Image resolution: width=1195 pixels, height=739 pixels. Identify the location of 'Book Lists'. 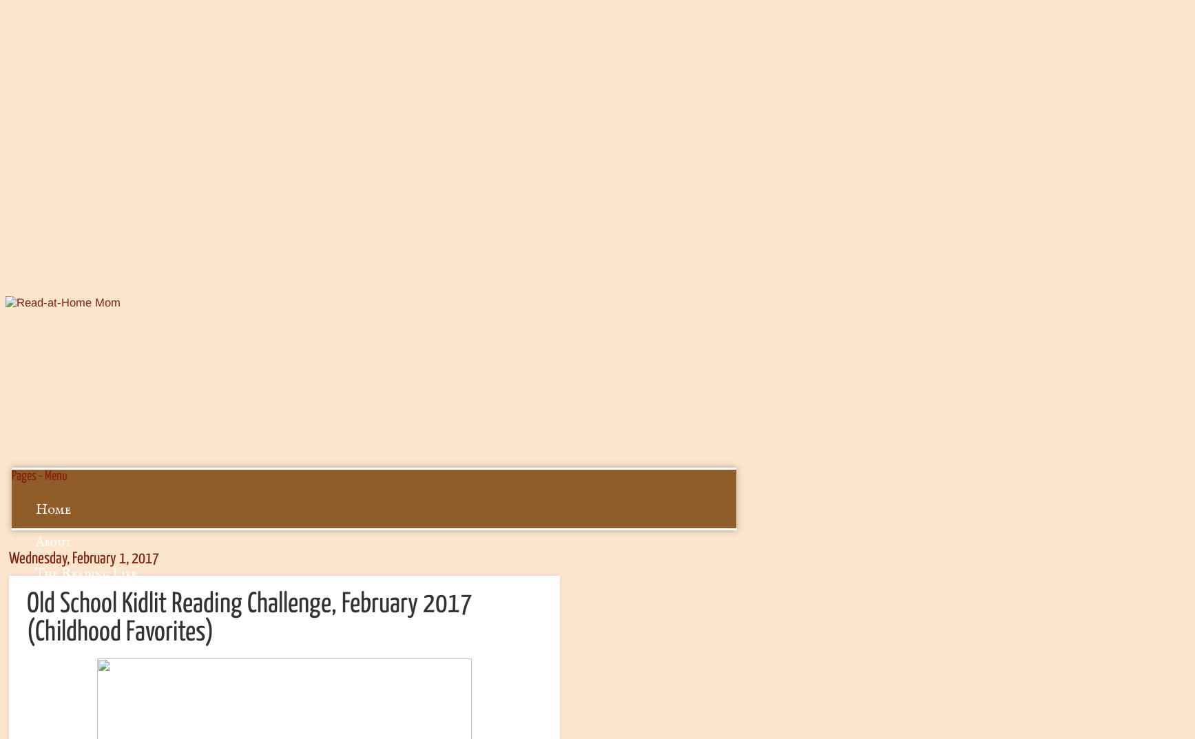
(66, 638).